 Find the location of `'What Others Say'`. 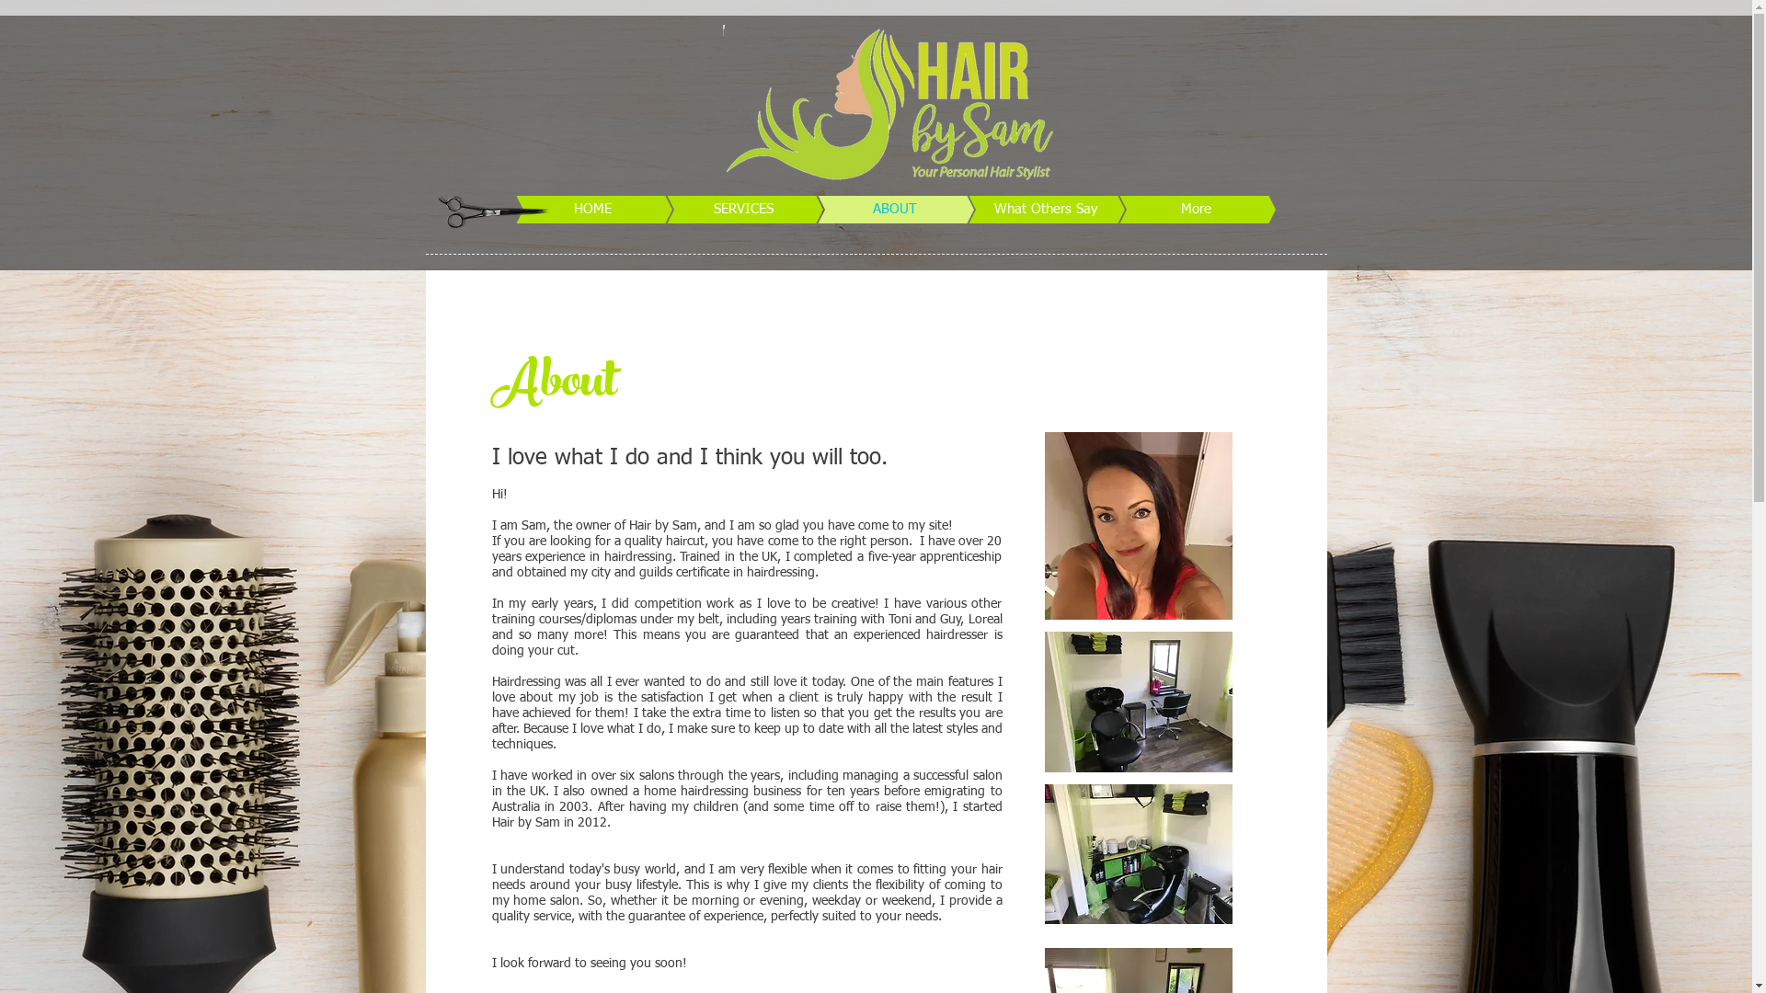

'What Others Say' is located at coordinates (910, 208).